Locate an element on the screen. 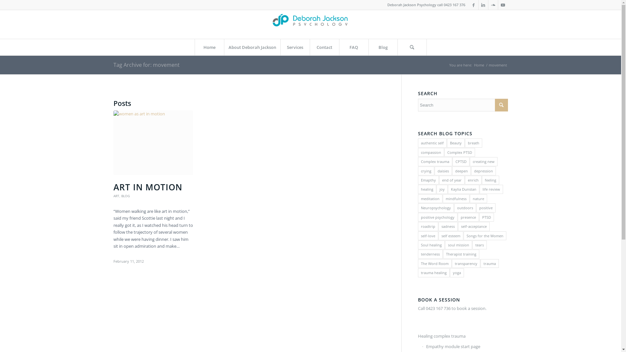 This screenshot has height=352, width=626. 'BLOG' is located at coordinates (125, 196).